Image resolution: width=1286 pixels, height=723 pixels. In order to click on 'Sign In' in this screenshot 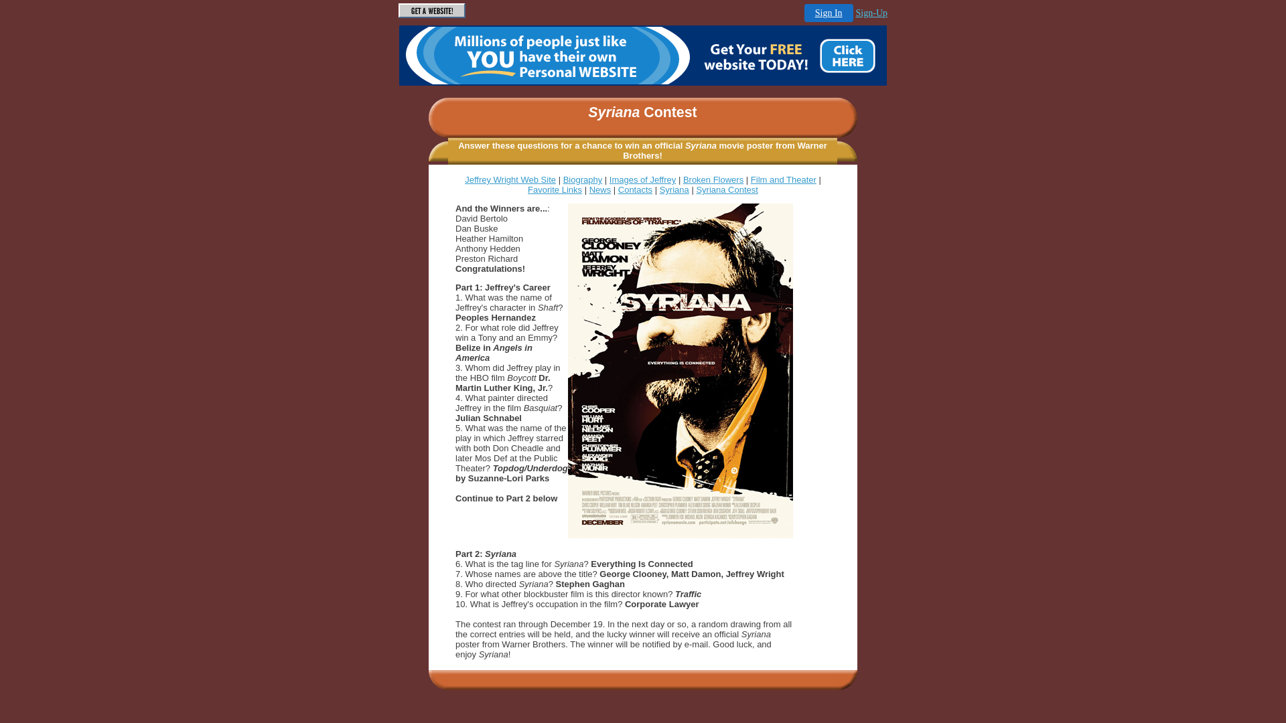, I will do `click(804, 13)`.